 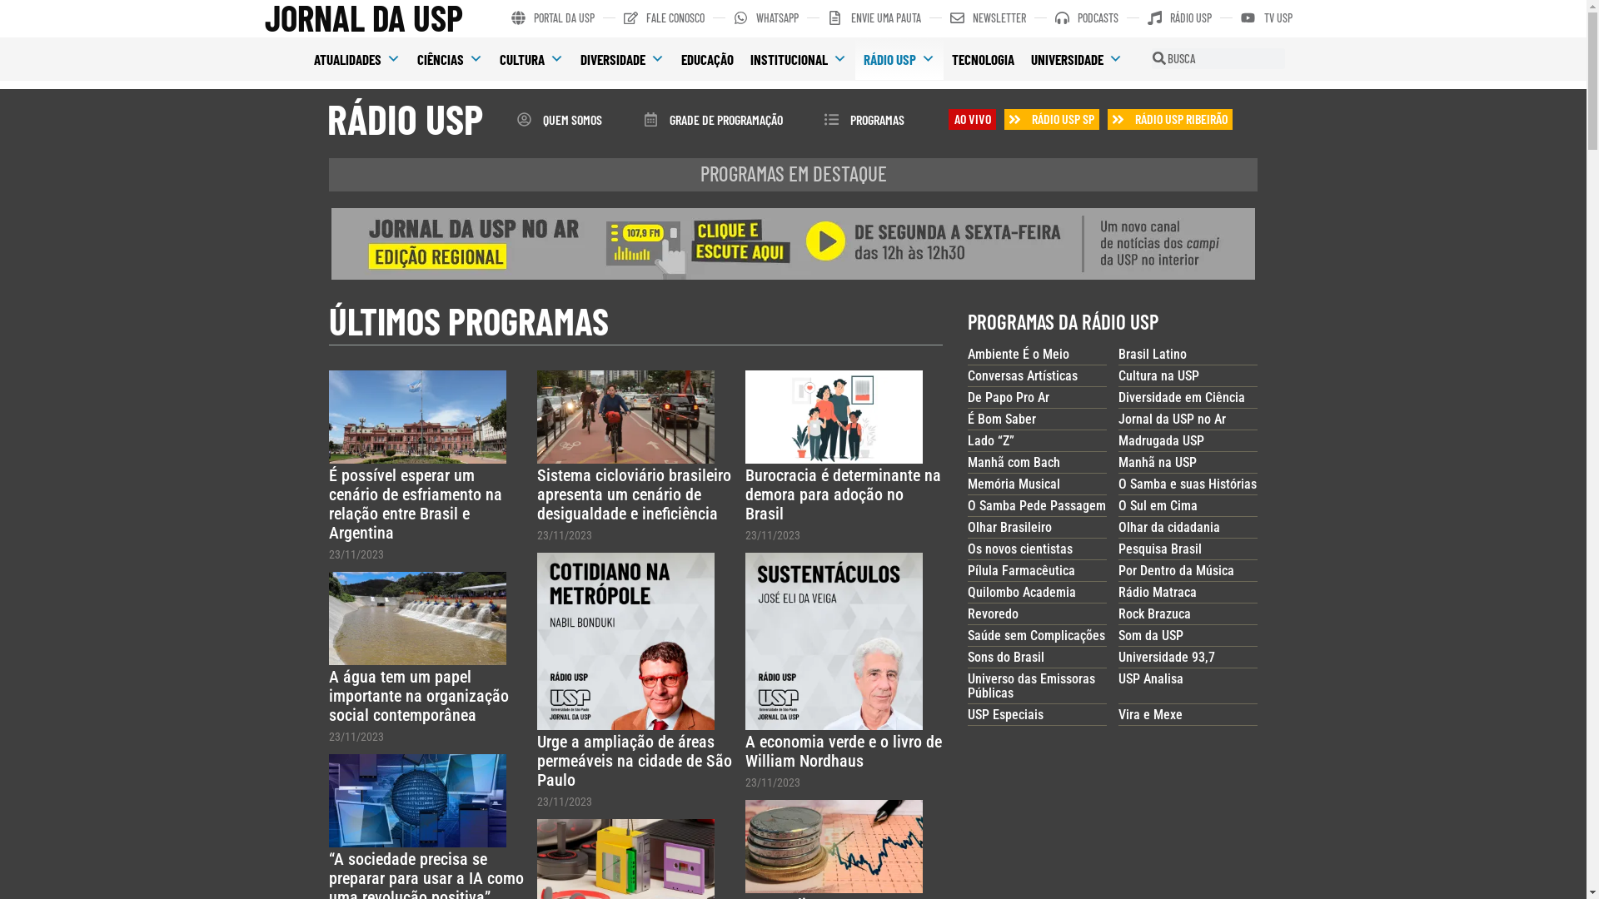 What do you see at coordinates (1158, 375) in the screenshot?
I see `'Cultura na USP'` at bounding box center [1158, 375].